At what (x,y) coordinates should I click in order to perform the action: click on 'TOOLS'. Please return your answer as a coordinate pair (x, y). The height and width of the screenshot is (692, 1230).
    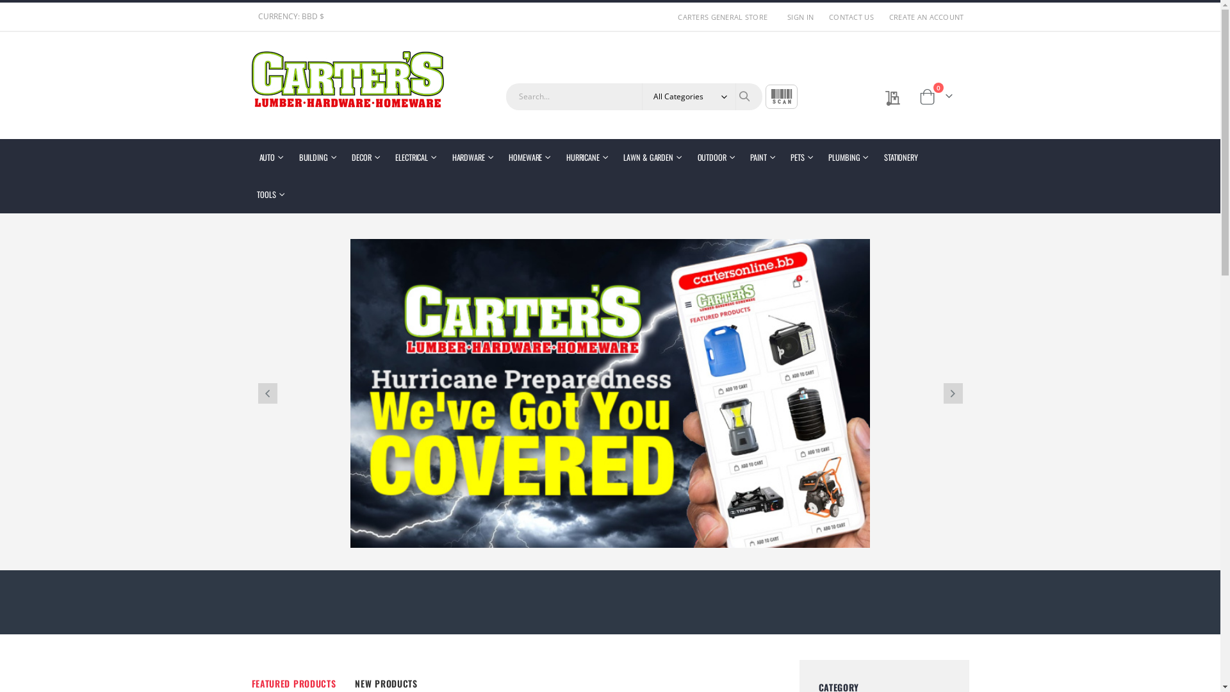
    Looking at the image, I should click on (270, 195).